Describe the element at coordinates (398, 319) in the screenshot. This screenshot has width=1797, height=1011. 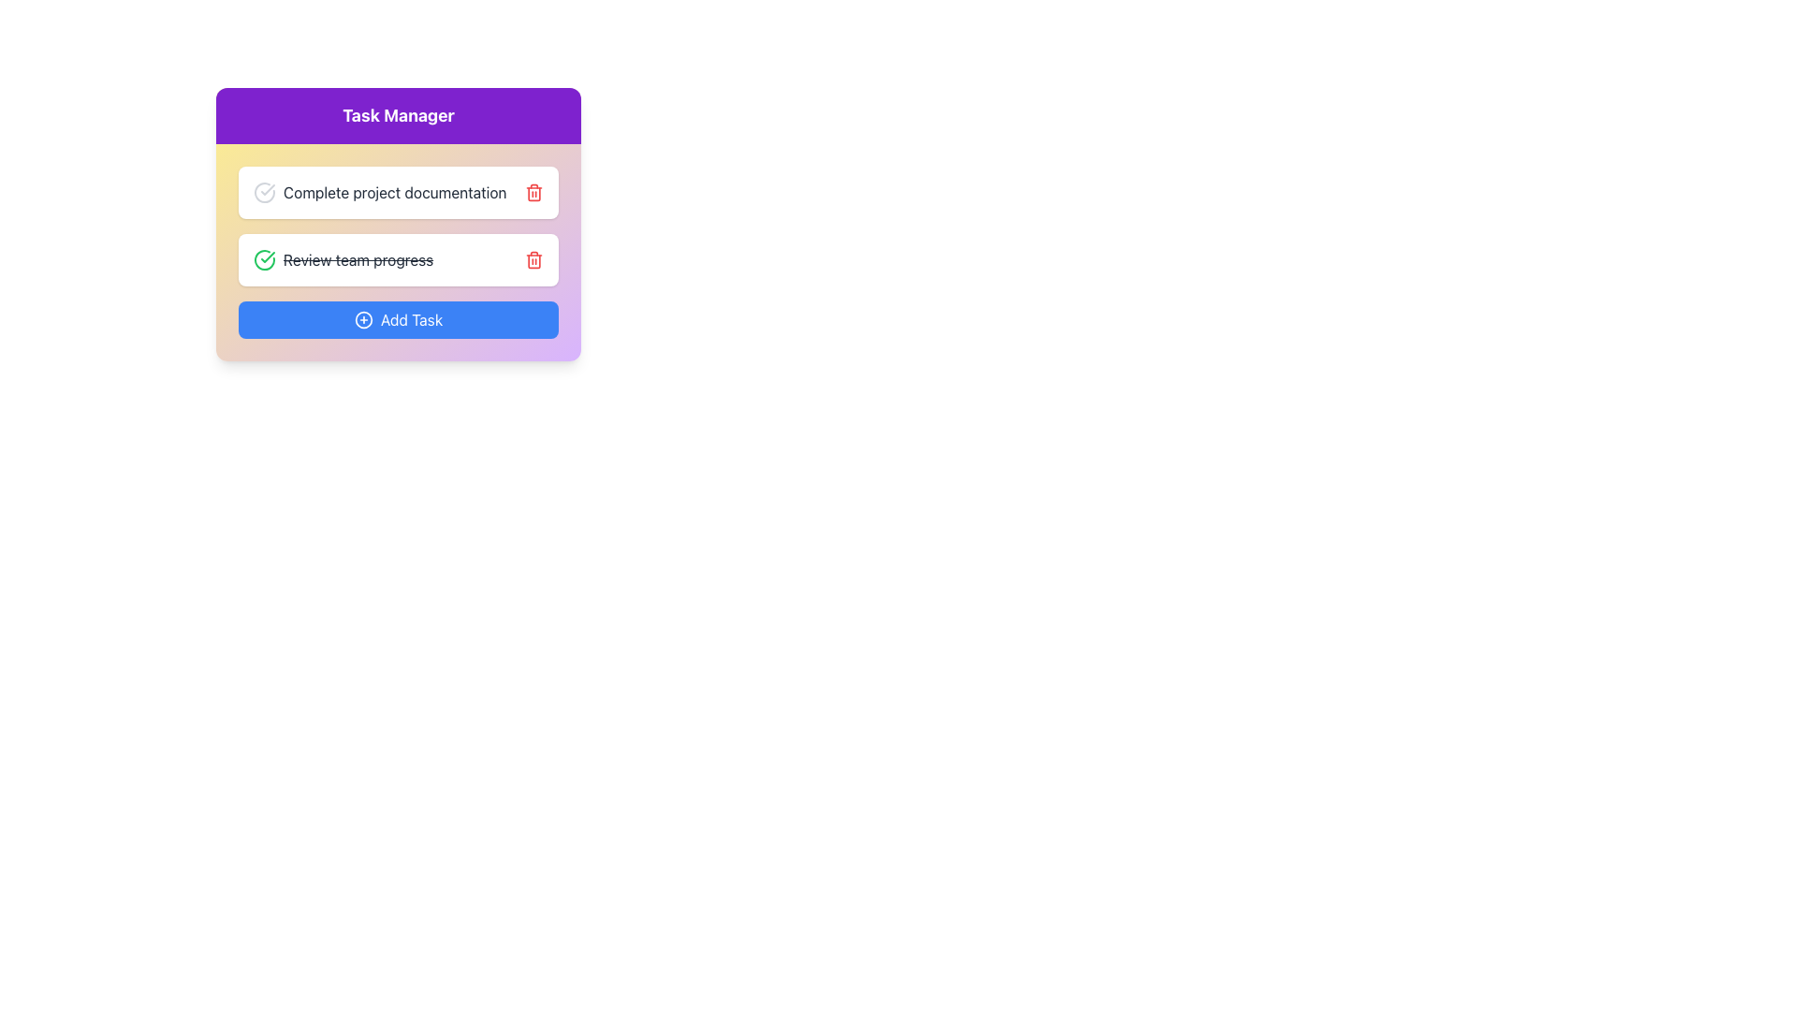
I see `the rectangular blue button with rounded corners labeled 'Add Task' to observe the hover effect that changes its background to a darker blue` at that location.